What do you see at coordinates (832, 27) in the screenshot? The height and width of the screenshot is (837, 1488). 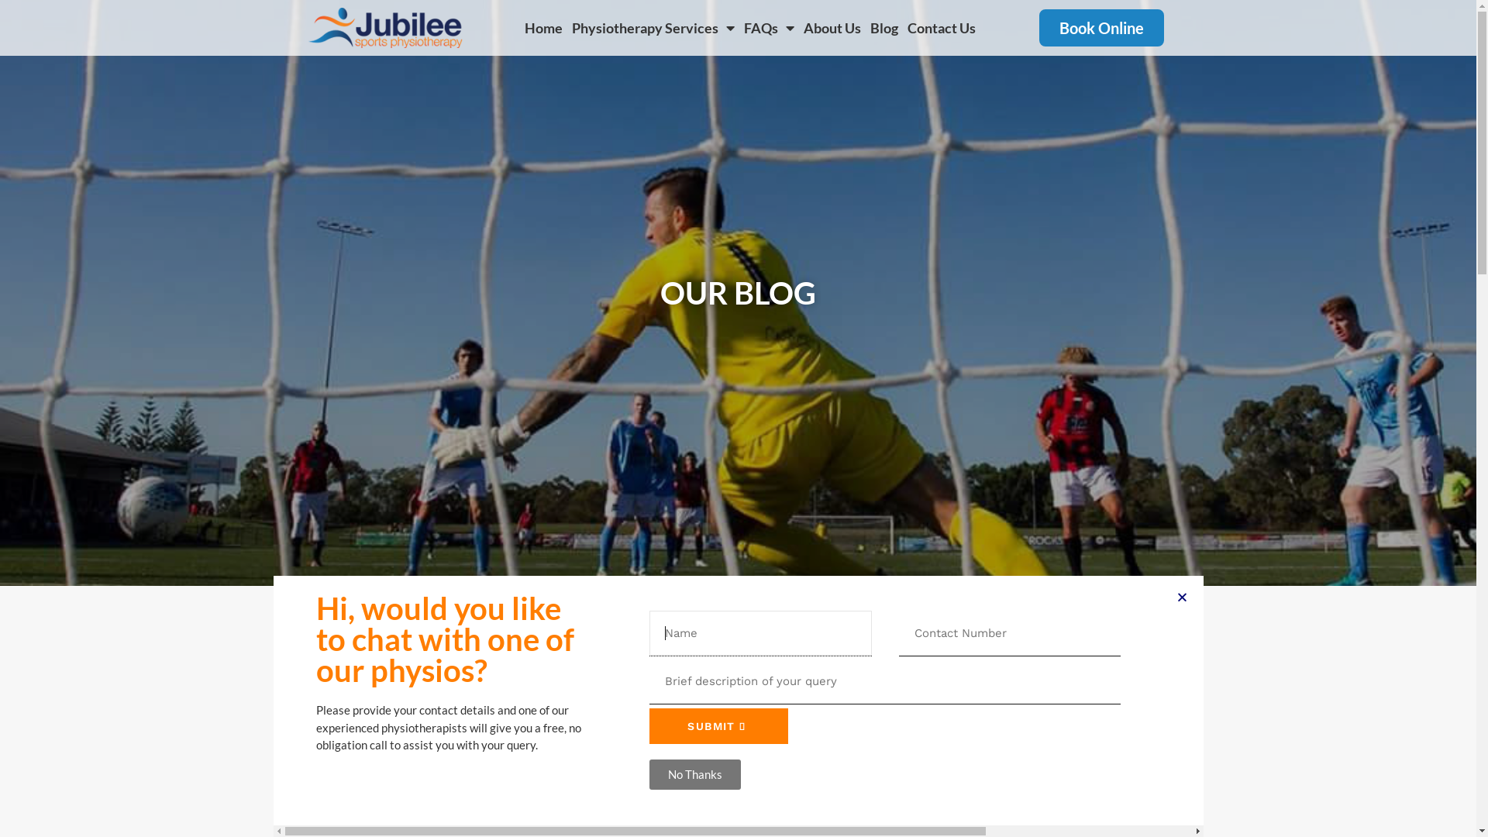 I see `'About Us'` at bounding box center [832, 27].